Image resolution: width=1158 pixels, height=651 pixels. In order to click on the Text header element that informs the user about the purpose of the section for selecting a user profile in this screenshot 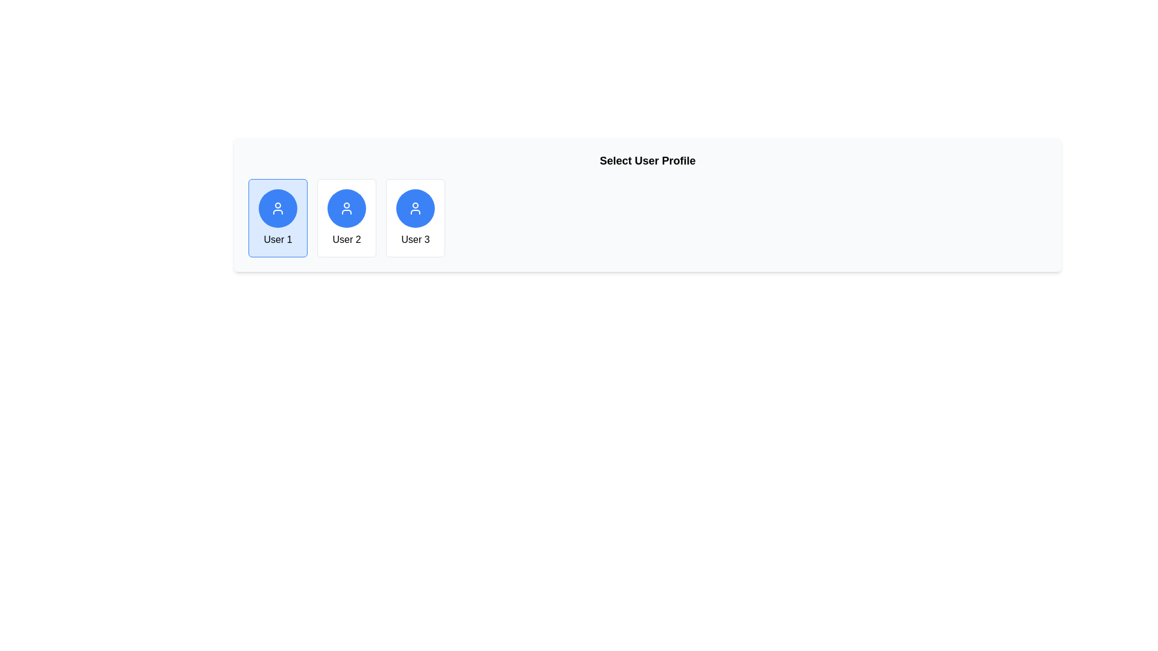, I will do `click(647, 160)`.